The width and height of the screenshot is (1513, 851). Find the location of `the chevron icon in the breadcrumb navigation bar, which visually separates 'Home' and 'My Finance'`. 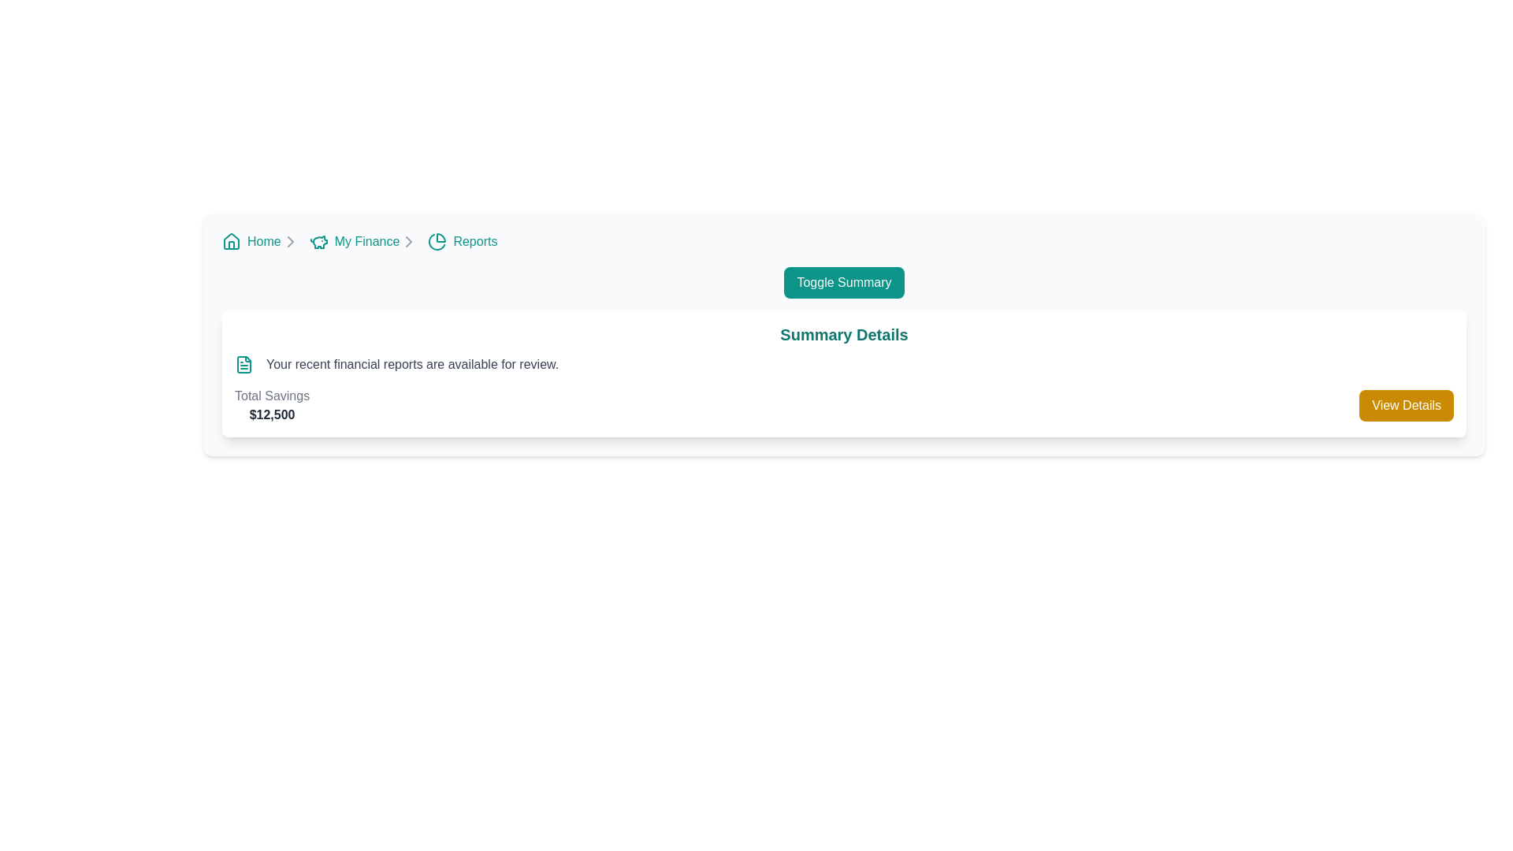

the chevron icon in the breadcrumb navigation bar, which visually separates 'Home' and 'My Finance' is located at coordinates (409, 242).